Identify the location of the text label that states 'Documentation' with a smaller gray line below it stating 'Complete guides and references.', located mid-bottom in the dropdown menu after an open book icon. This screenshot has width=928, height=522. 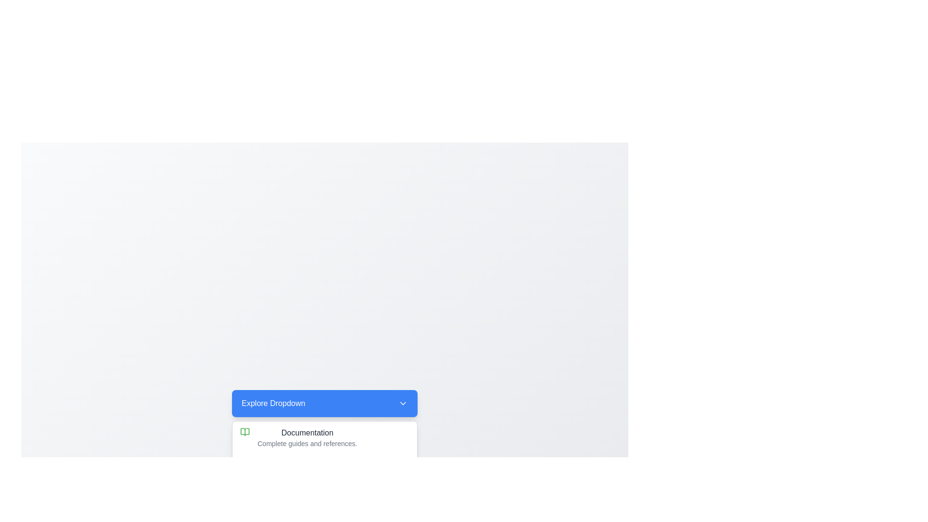
(307, 438).